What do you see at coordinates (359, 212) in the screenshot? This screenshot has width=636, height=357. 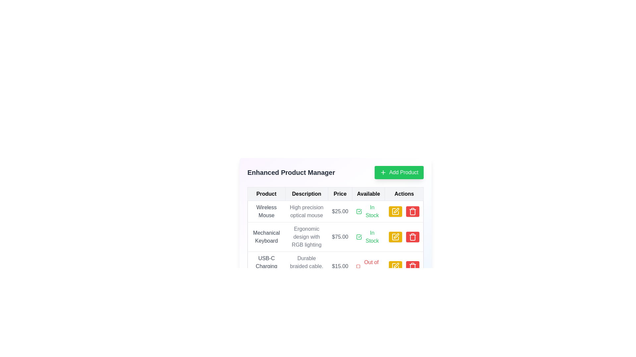 I see `the green checkmark icon located beside the 'In Stock' text in the 'Available' column of the table for the 'Wireless Mouse' row` at bounding box center [359, 212].